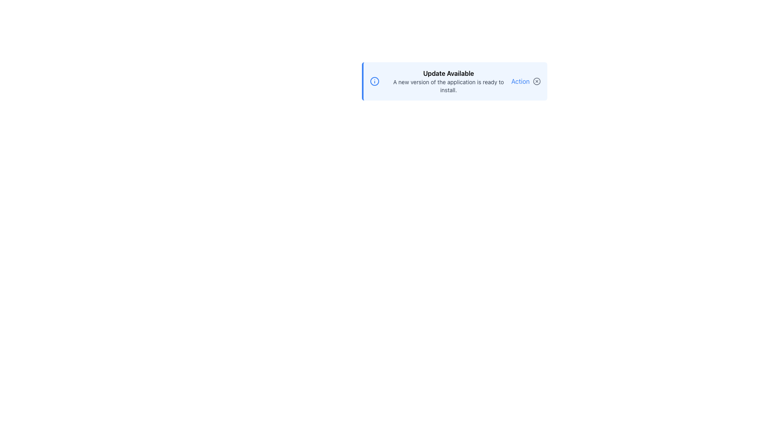 The image size is (767, 431). What do you see at coordinates (525, 81) in the screenshot?
I see `the 'Action' text button located at the far right of the notification card labeled 'Update Available'` at bounding box center [525, 81].